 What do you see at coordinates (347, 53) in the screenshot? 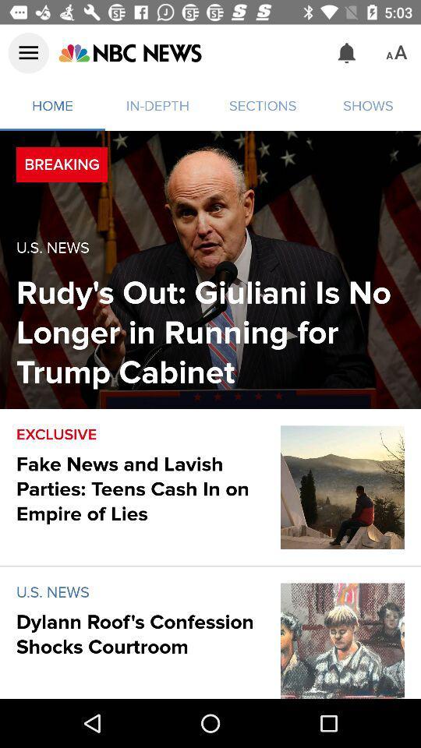
I see `the item next to the sections item` at bounding box center [347, 53].